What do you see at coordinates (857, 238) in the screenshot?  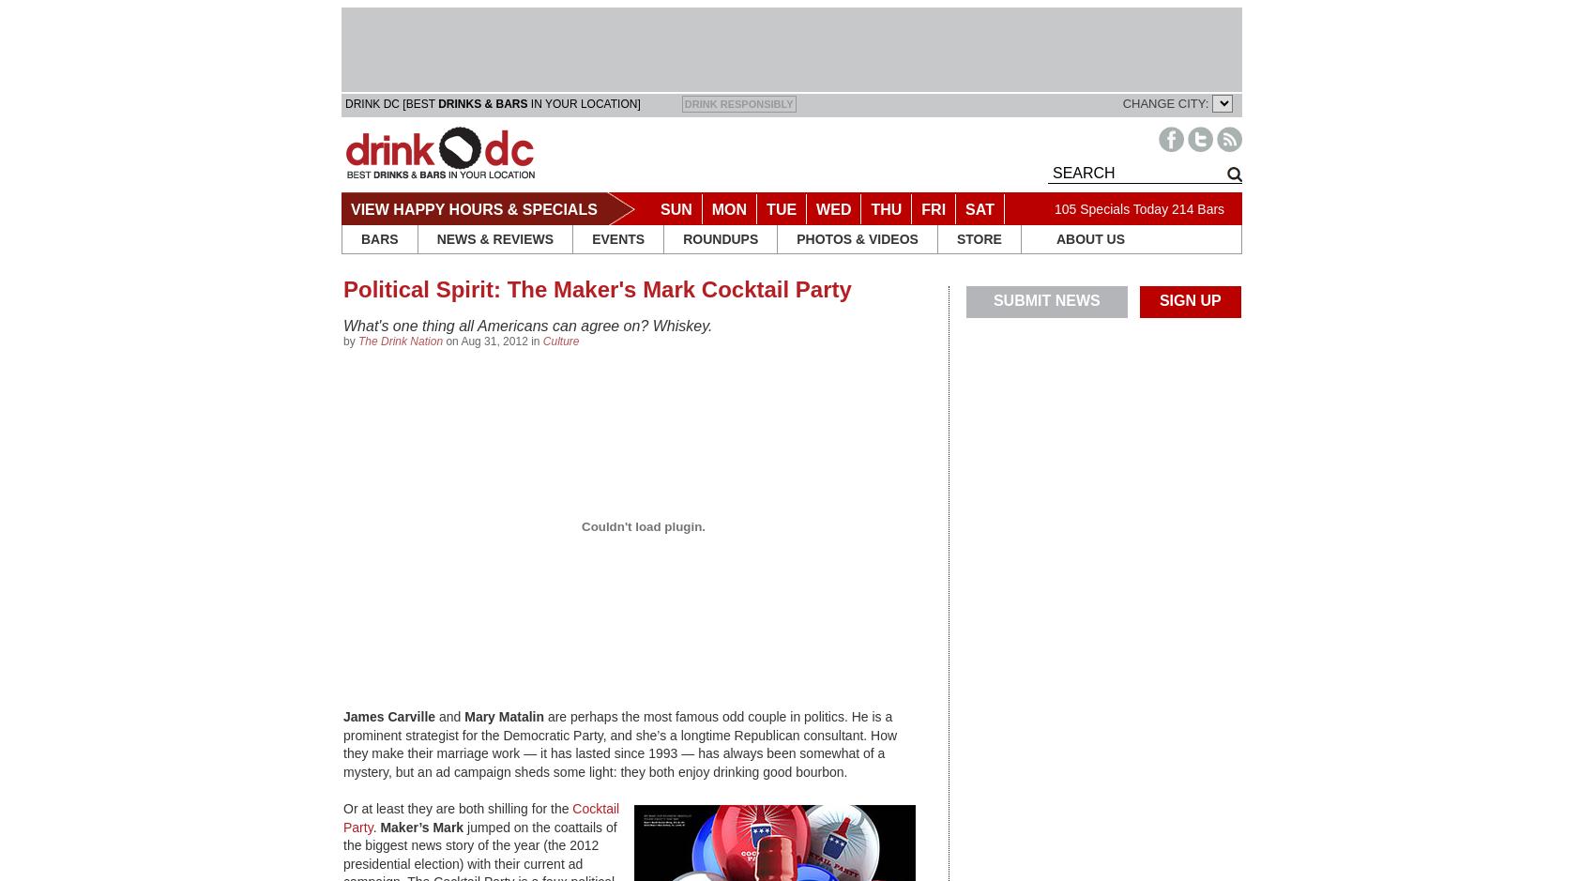 I see `'PHOTOS & VIDEOS'` at bounding box center [857, 238].